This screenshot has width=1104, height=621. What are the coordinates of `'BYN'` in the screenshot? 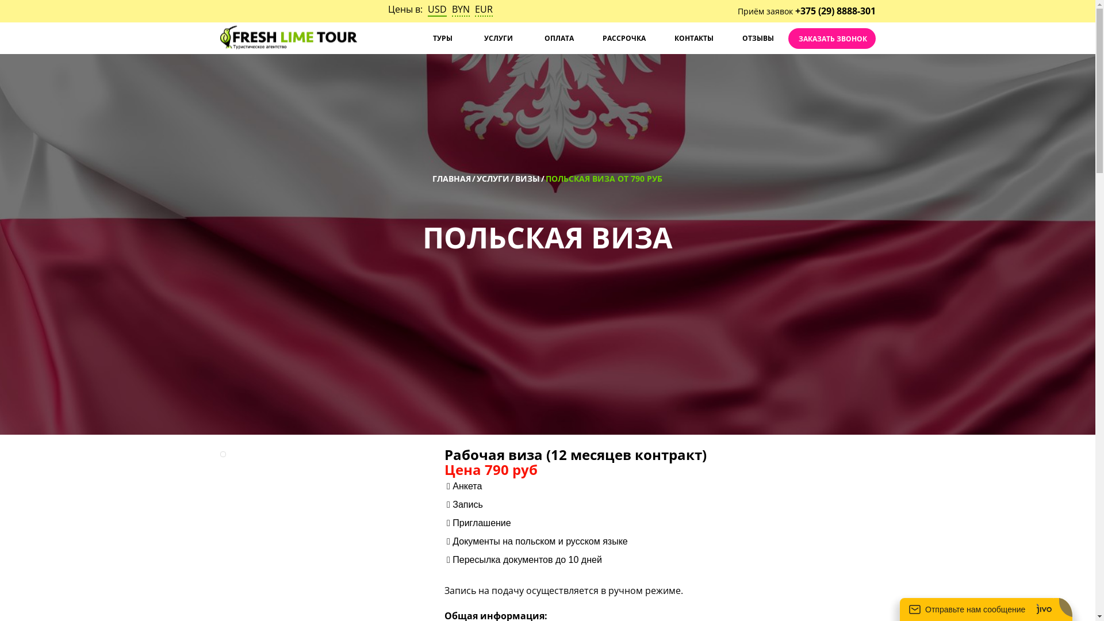 It's located at (461, 9).